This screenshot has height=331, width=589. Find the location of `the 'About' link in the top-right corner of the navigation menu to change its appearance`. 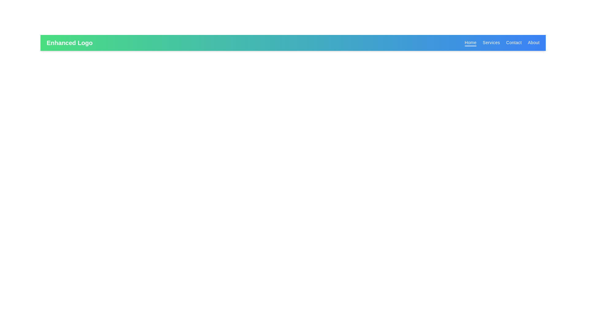

the 'About' link in the top-right corner of the navigation menu to change its appearance is located at coordinates (533, 42).